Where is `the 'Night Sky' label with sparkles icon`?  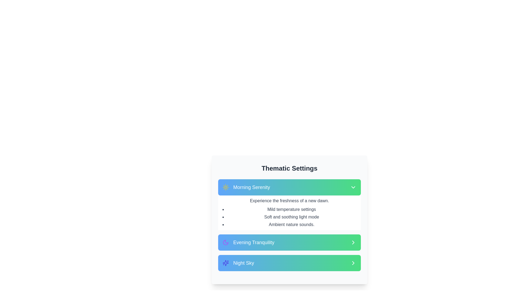
the 'Night Sky' label with sparkles icon is located at coordinates (238, 263).